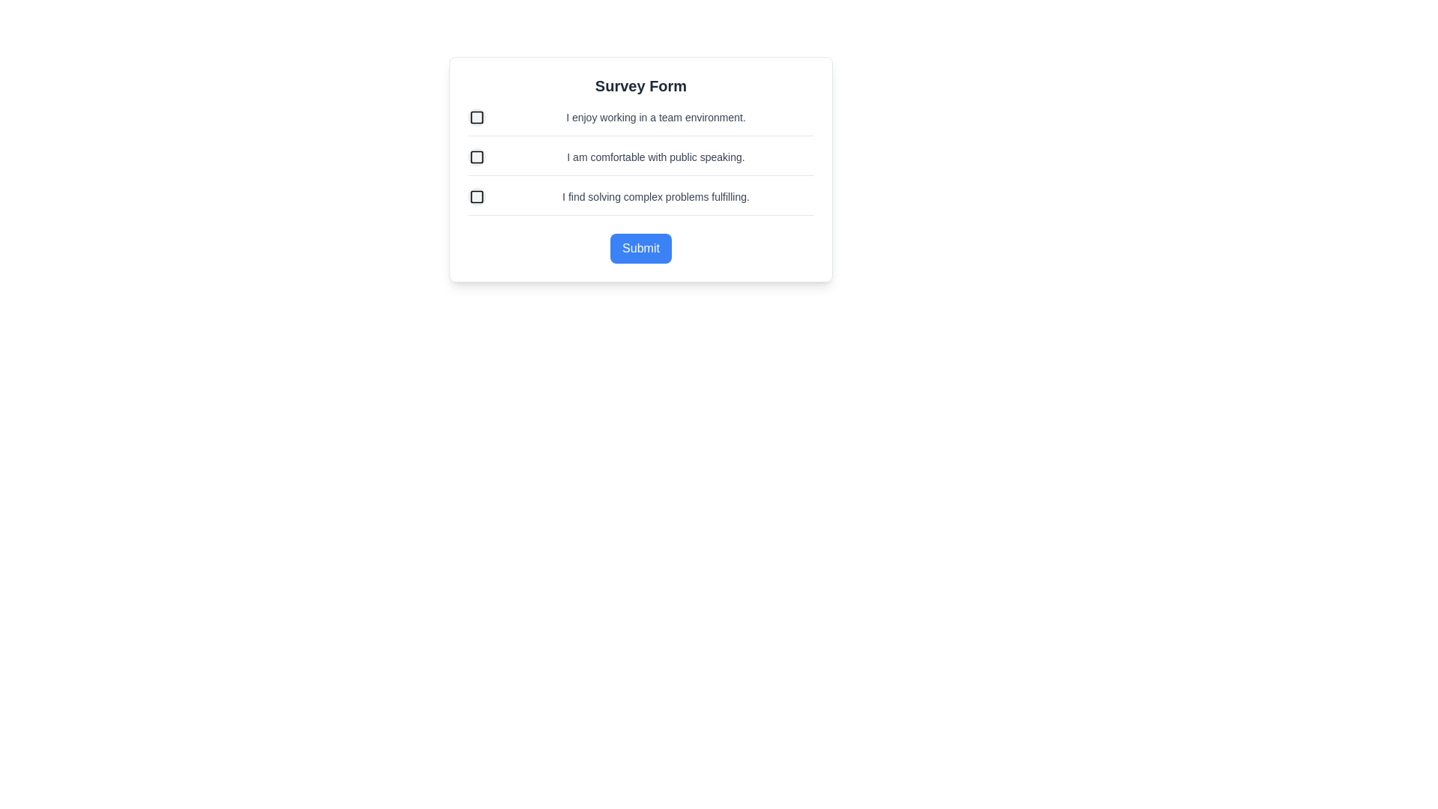 This screenshot has height=809, width=1438. I want to click on the descriptive text label in the third row of the survey options, which is aligned next to the corresponding checkbox, so click(655, 196).